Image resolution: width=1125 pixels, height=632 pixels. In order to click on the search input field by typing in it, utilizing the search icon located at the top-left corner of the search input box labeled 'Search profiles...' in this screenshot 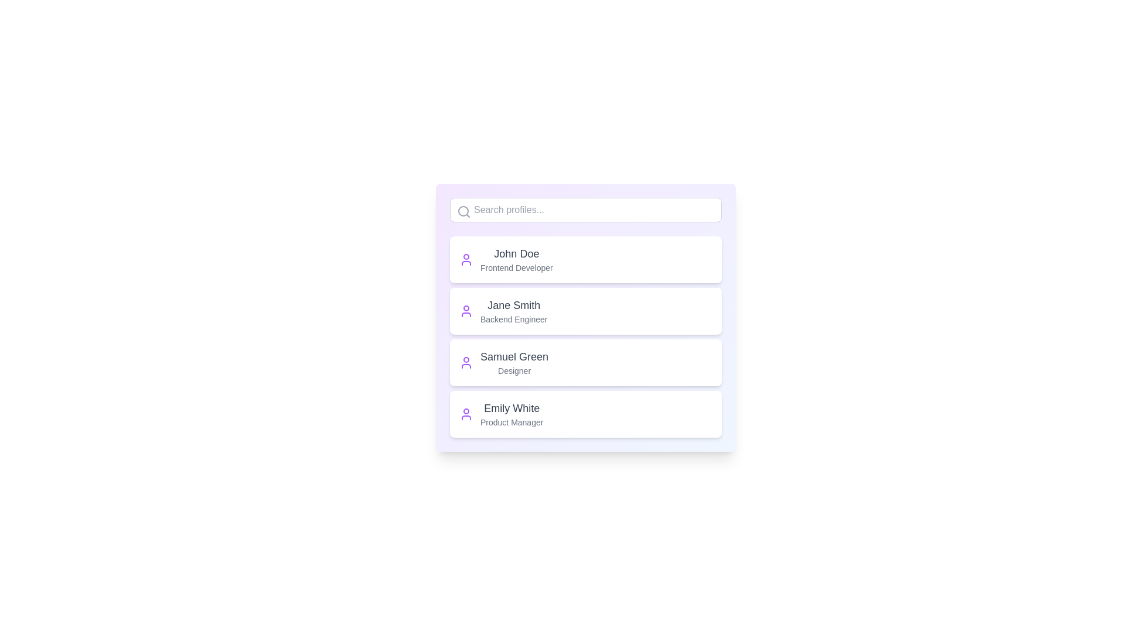, I will do `click(463, 212)`.